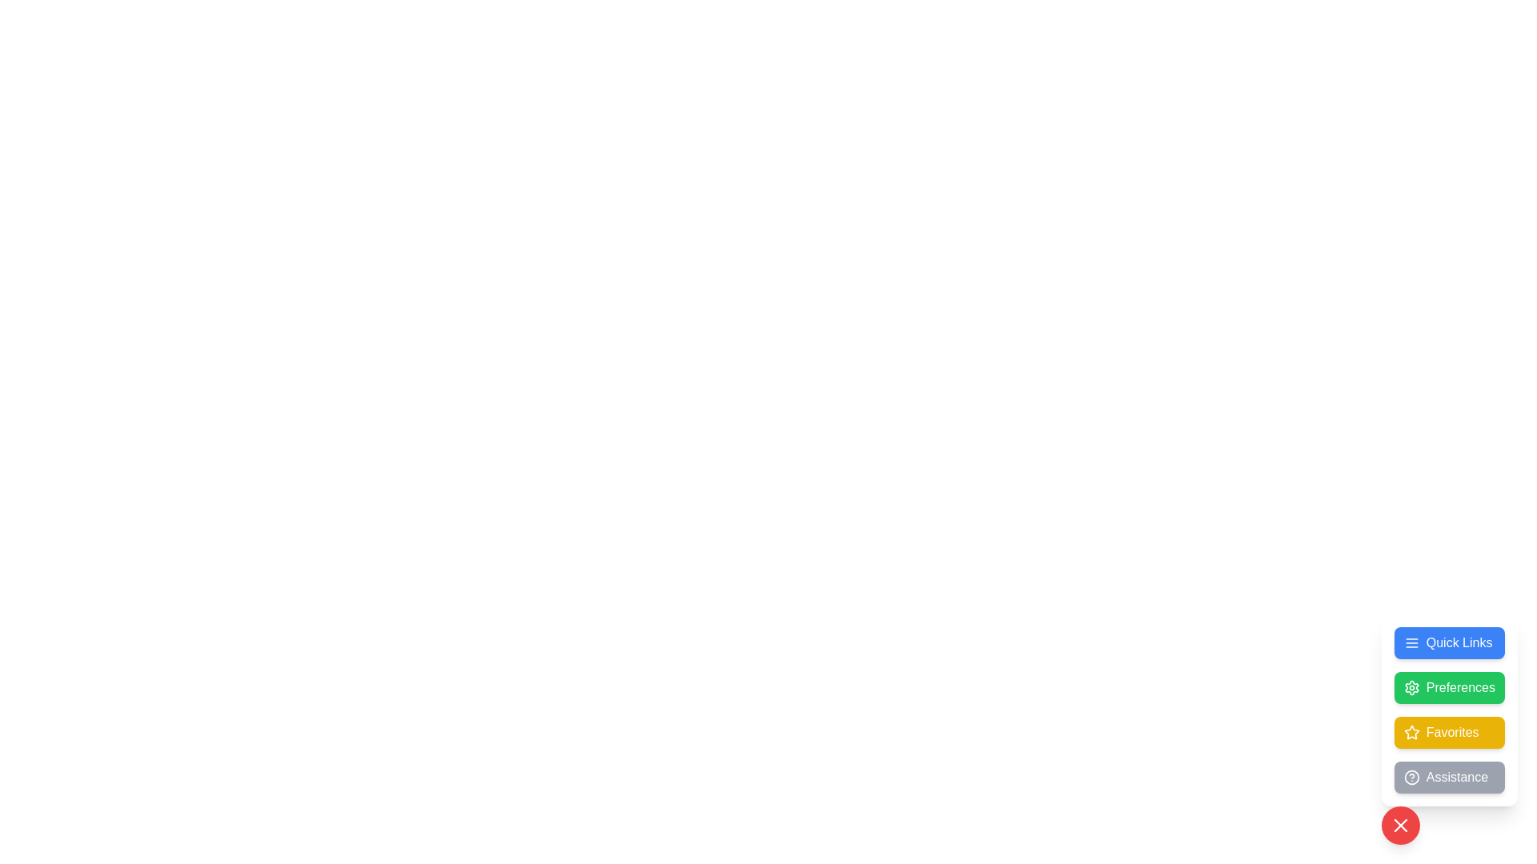 Image resolution: width=1537 pixels, height=864 pixels. What do you see at coordinates (1399, 826) in the screenshot?
I see `the close or cancel icon located within the red circular button at the bottom-right corner of the interface` at bounding box center [1399, 826].